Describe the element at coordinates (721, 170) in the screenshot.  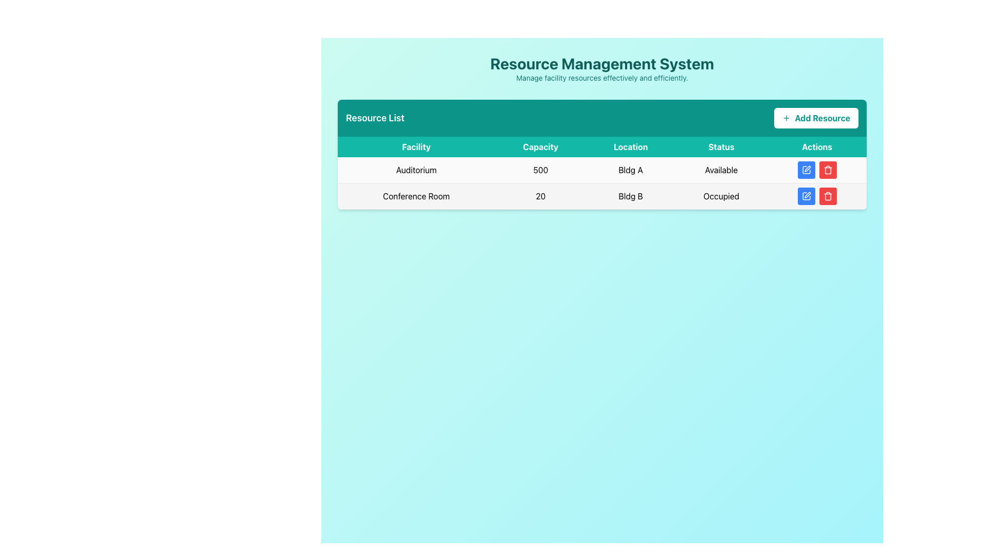
I see `the Text display indicating the availability status of the resource in the 'Resource List' table, specifically located in the last cell of the row labeled 'Auditorium, 500, Bldg A' in the 'Status' column` at that location.